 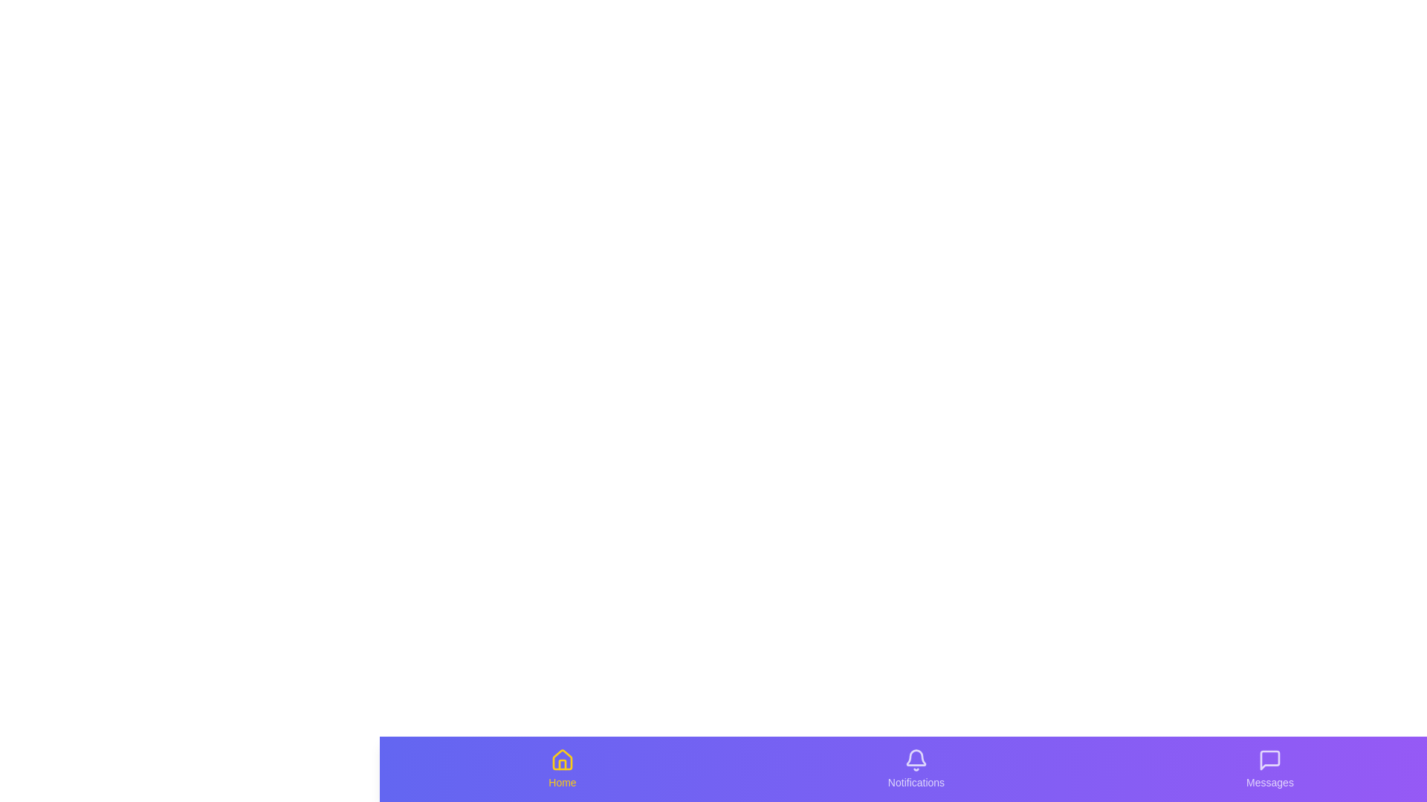 What do you see at coordinates (562, 769) in the screenshot?
I see `the Home icon to activate its functionality` at bounding box center [562, 769].